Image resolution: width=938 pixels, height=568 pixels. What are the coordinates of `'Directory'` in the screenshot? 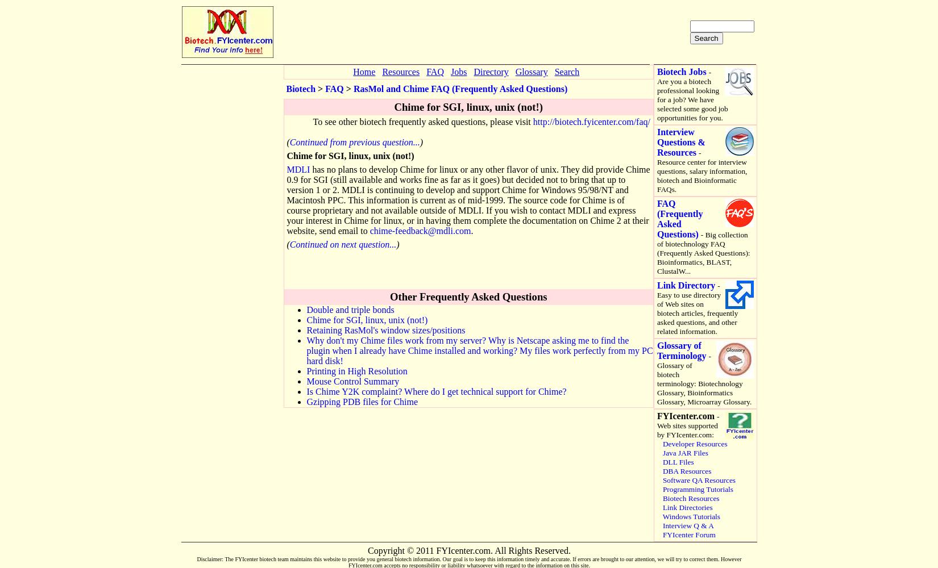 It's located at (491, 72).